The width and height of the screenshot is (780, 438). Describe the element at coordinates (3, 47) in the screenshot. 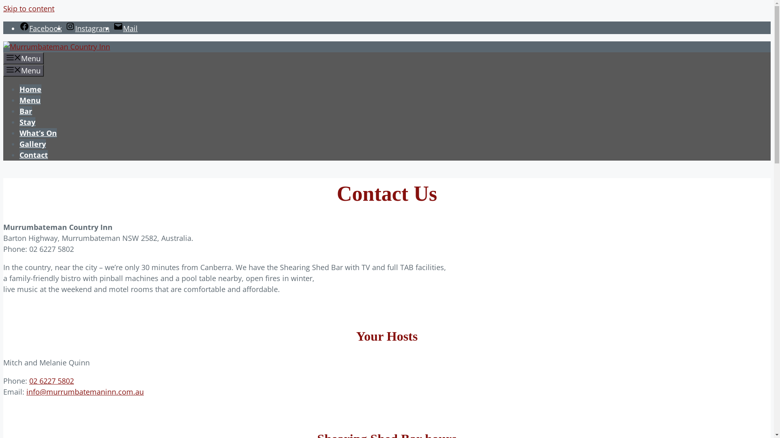

I see `'Murrumbateman Country Inn'` at that location.